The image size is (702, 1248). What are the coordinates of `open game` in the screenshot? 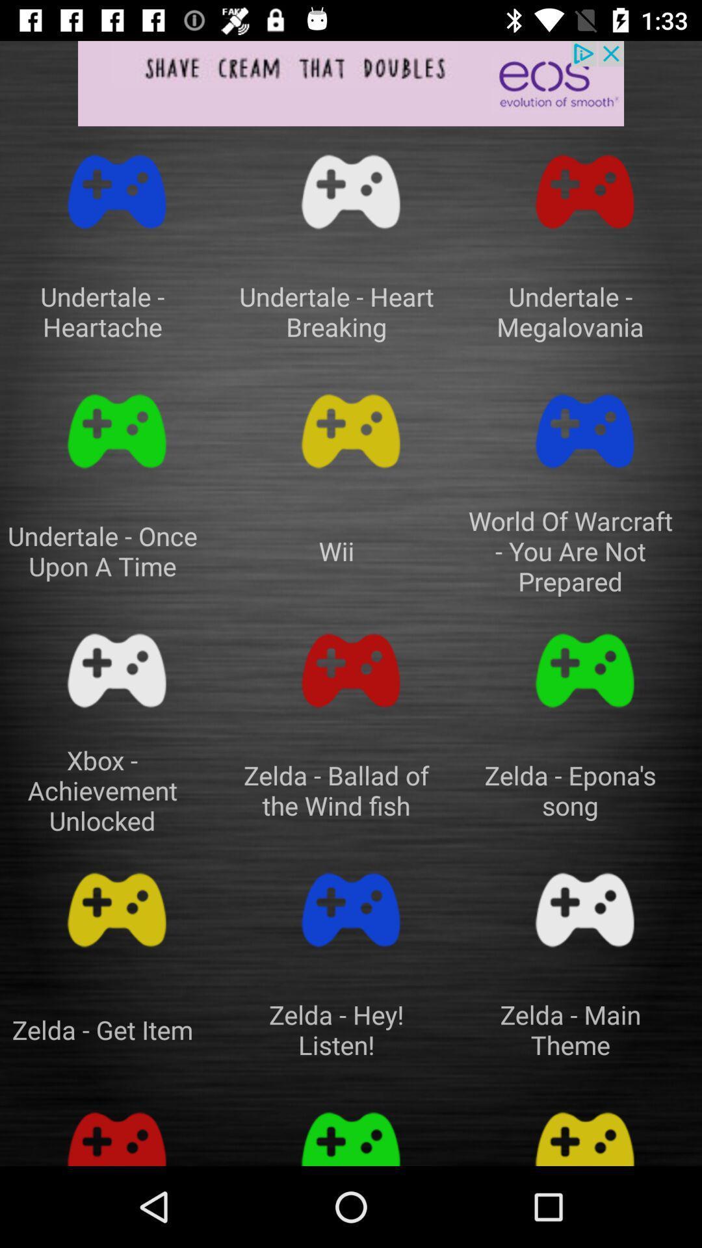 It's located at (584, 909).